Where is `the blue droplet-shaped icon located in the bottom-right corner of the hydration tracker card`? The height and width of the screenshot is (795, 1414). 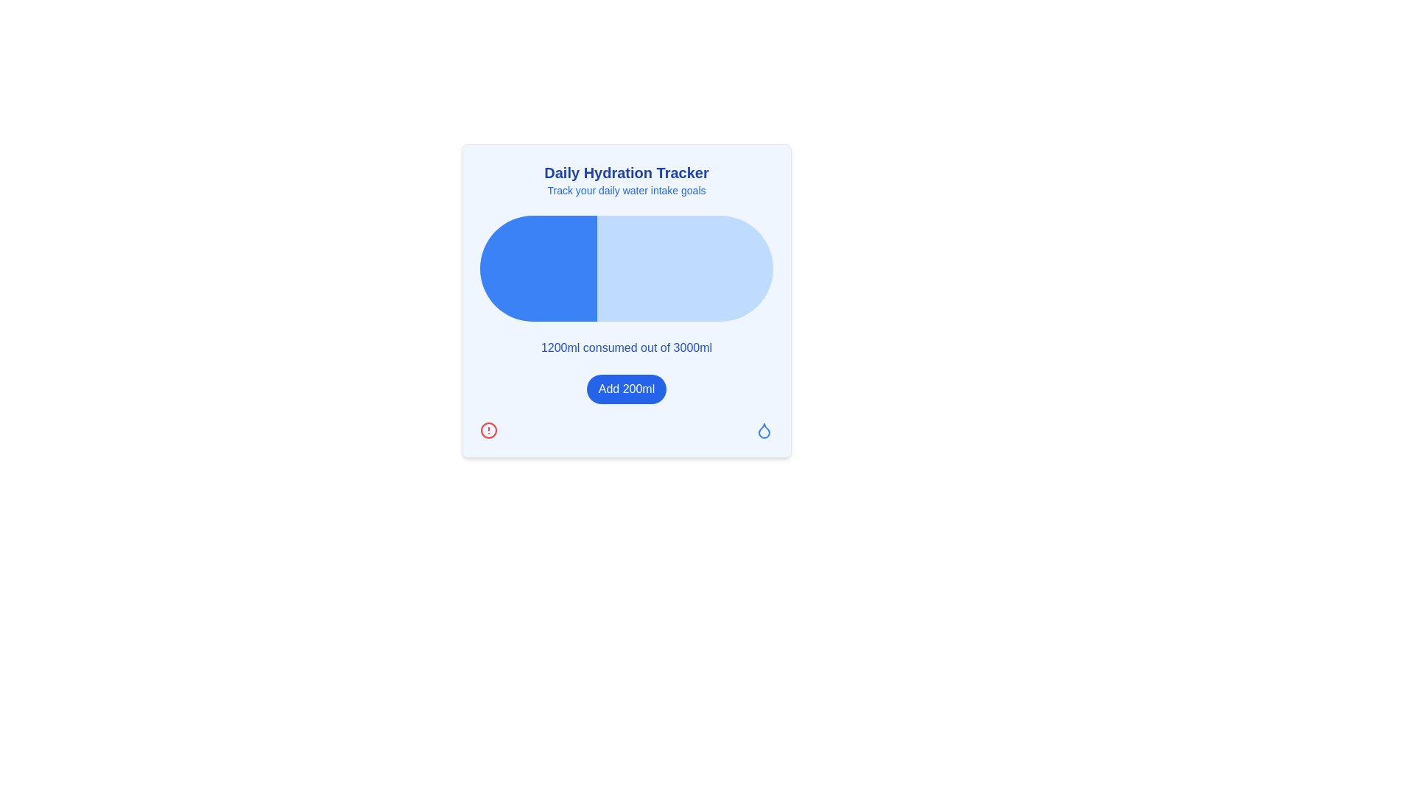
the blue droplet-shaped icon located in the bottom-right corner of the hydration tracker card is located at coordinates (764, 431).